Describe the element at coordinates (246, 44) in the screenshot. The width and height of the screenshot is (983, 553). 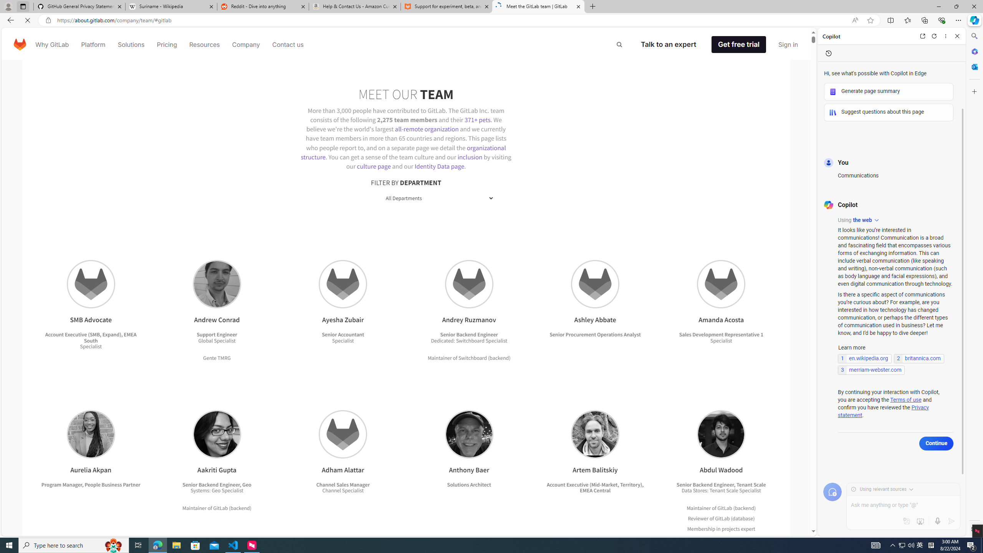
I see `'Company'` at that location.